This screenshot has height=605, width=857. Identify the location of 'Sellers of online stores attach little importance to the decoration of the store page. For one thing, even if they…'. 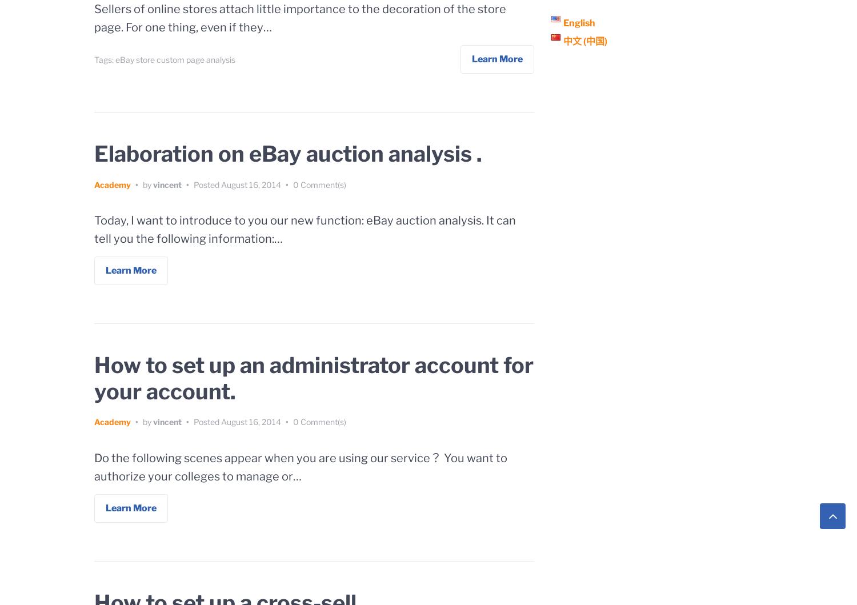
(300, 18).